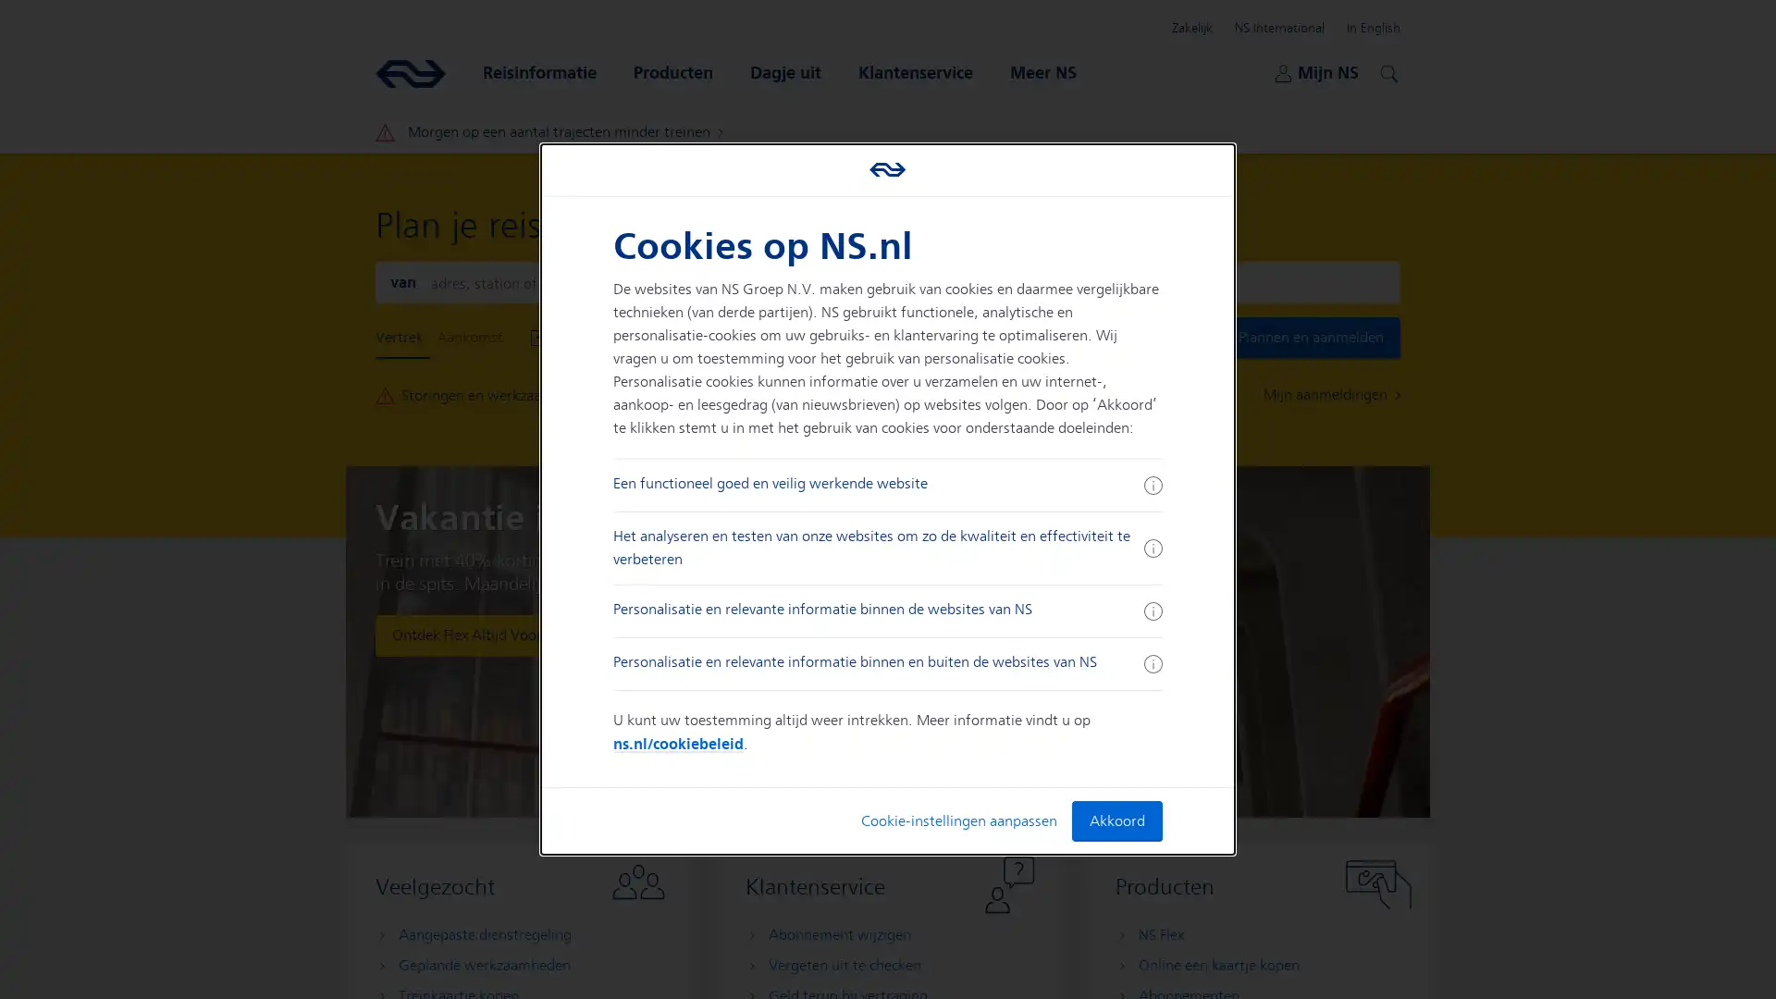 This screenshot has height=999, width=1776. What do you see at coordinates (1152, 484) in the screenshot?
I see `Meer informatie ingeklapt` at bounding box center [1152, 484].